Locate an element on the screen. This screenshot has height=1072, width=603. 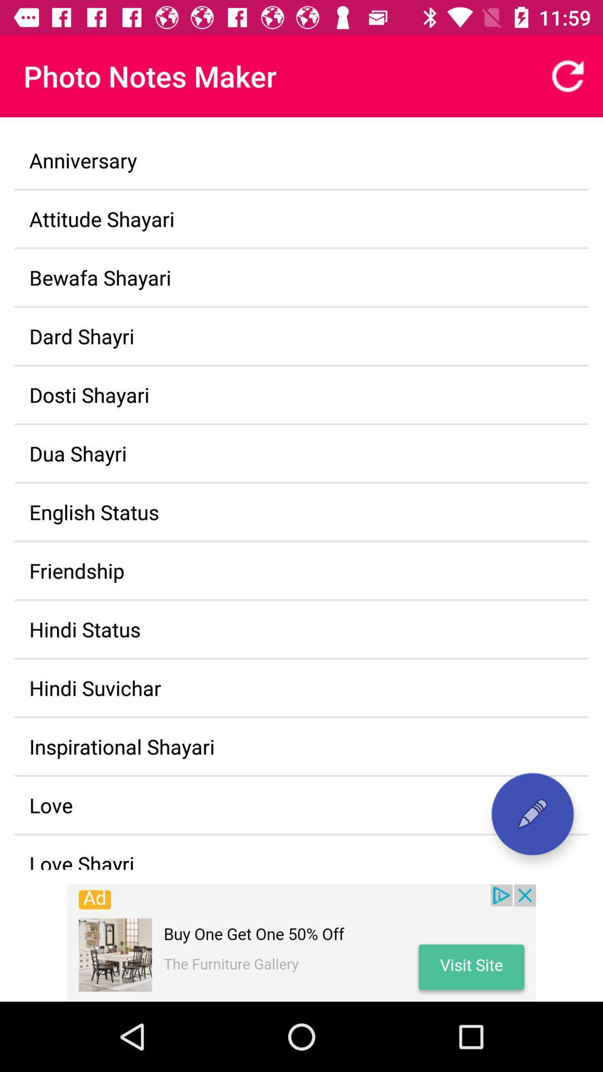
note is located at coordinates (532, 814).